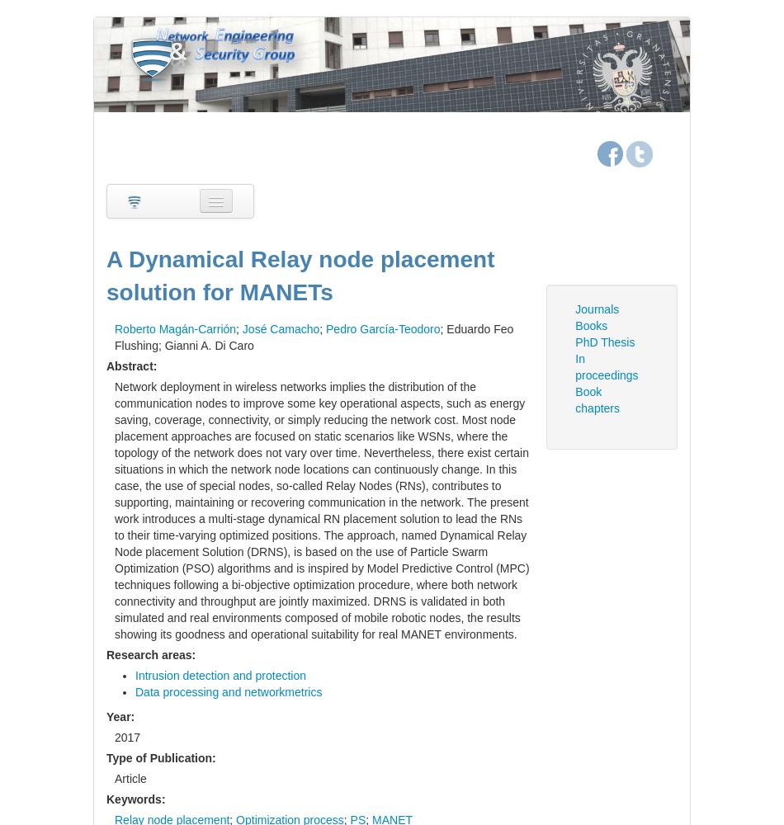  I want to click on 'Roberto Magán-Carrión', so click(175, 328).